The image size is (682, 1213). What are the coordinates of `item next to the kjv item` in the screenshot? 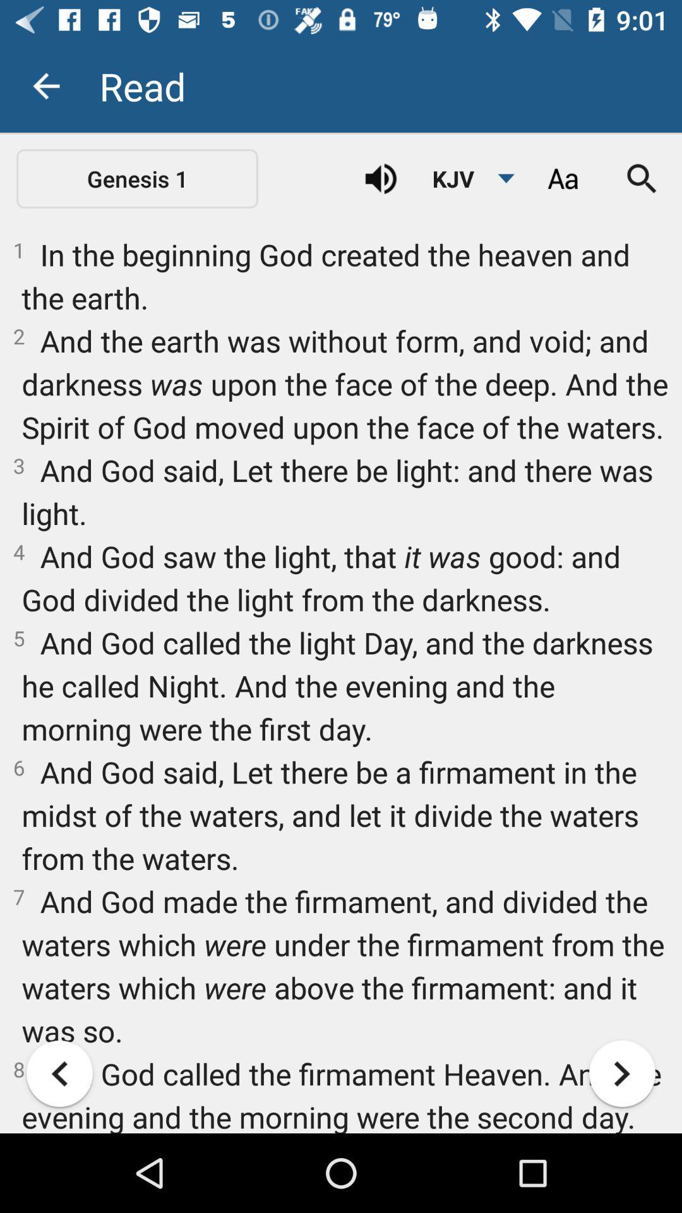 It's located at (562, 178).